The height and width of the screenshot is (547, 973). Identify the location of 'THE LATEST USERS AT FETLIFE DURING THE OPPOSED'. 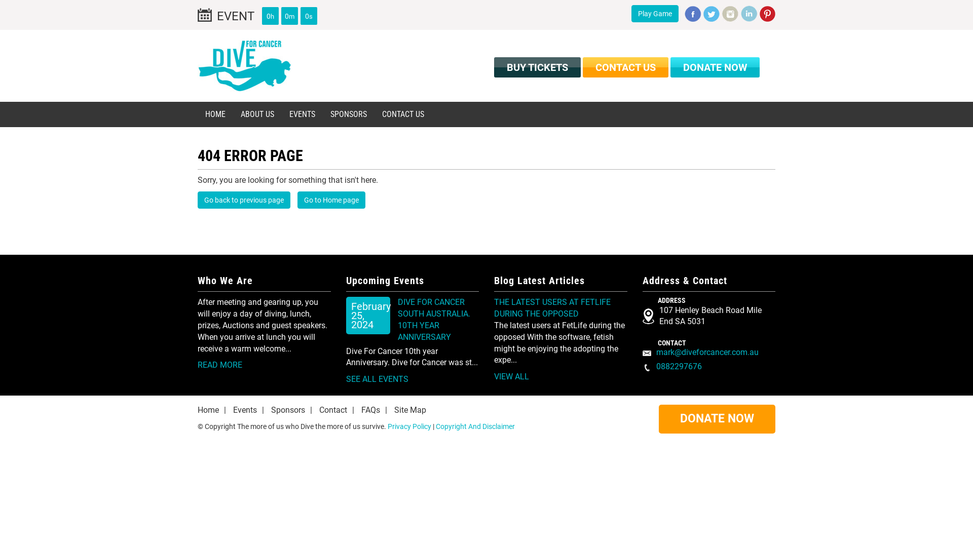
(551, 307).